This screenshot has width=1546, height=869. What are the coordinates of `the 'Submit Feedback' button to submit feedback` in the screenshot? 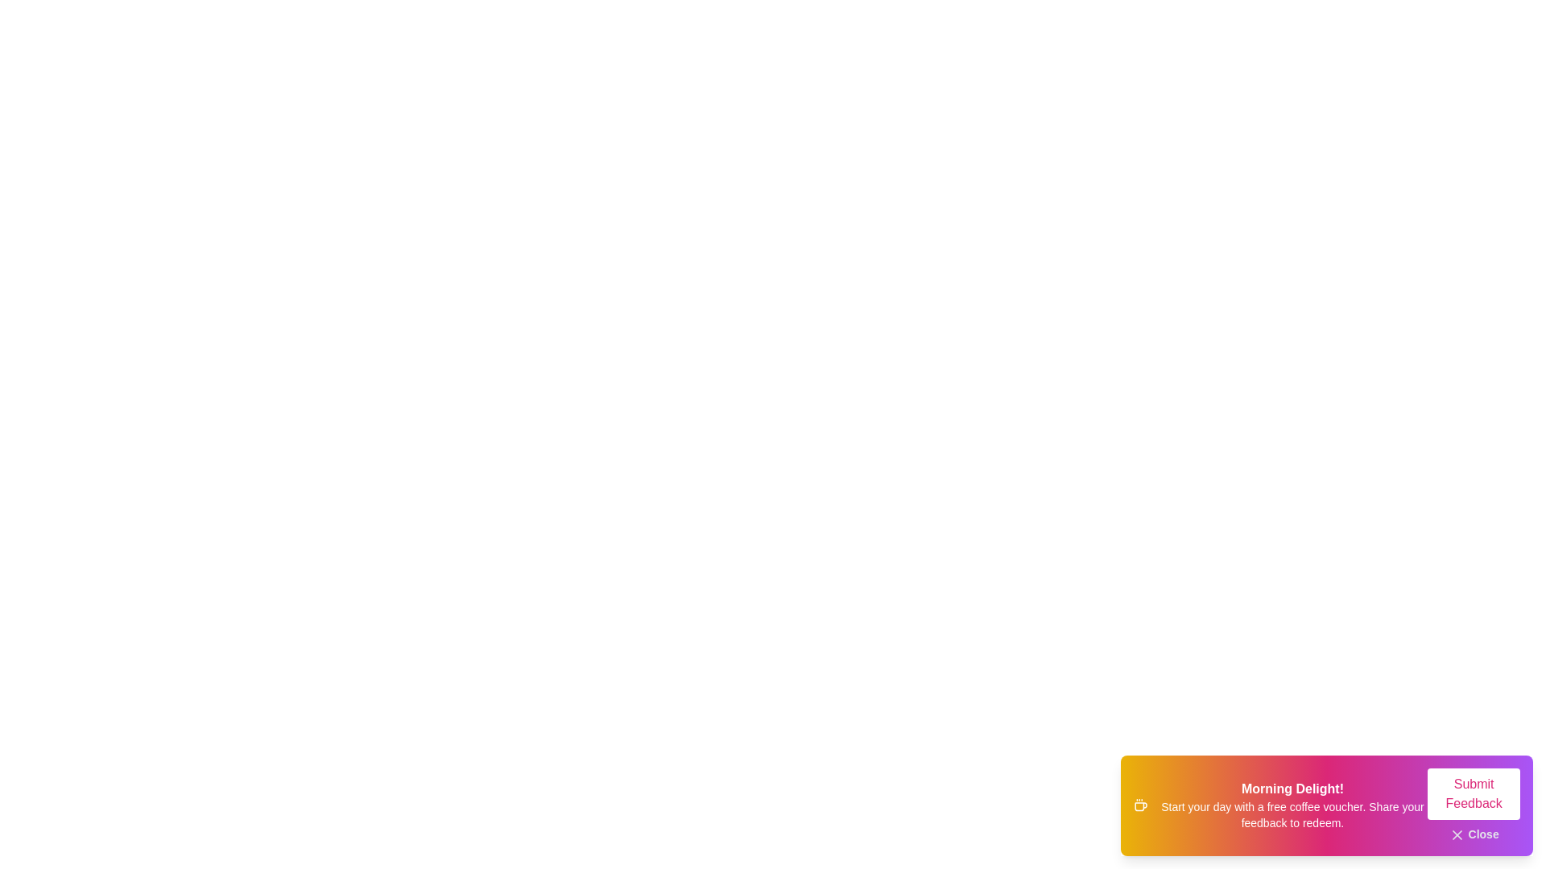 It's located at (1473, 793).